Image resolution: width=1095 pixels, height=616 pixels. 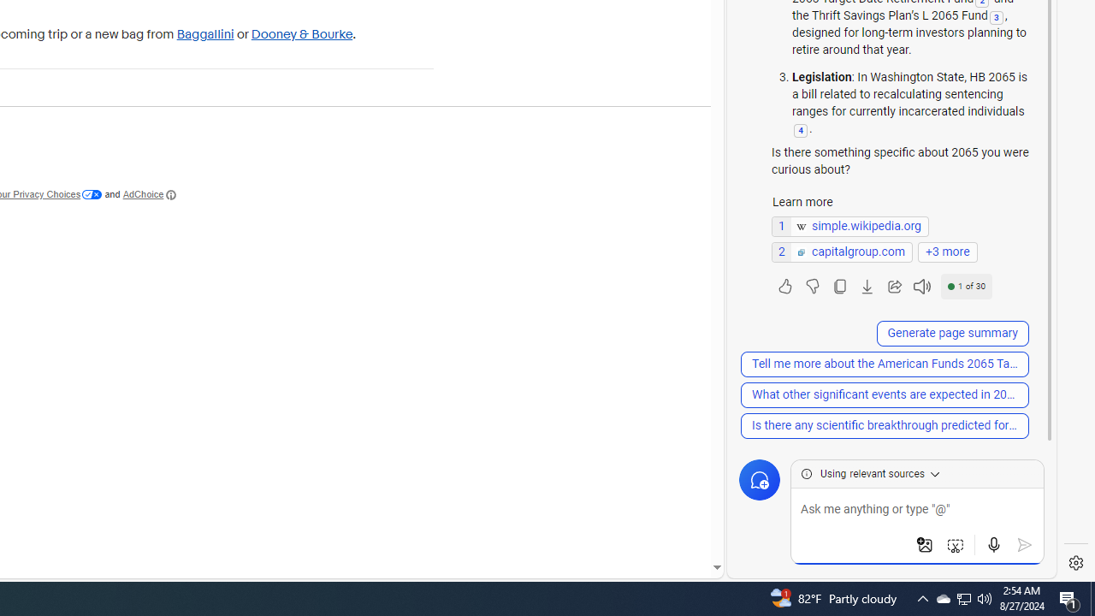 What do you see at coordinates (302, 34) in the screenshot?
I see `'Dooney & Bourke'` at bounding box center [302, 34].